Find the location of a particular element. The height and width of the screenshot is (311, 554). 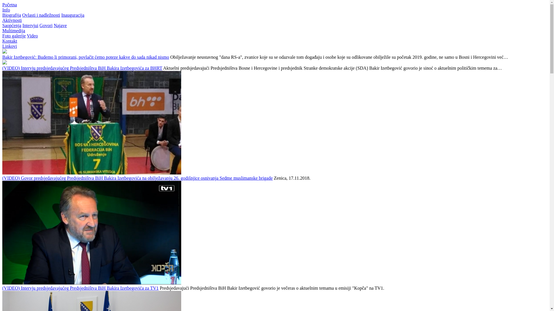

'Aktivnosti' is located at coordinates (12, 20).